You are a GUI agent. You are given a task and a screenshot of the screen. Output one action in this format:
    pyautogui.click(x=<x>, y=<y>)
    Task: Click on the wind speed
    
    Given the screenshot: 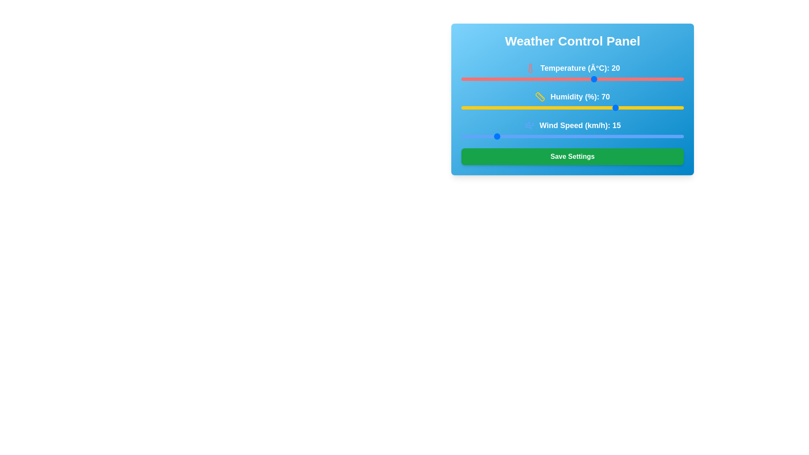 What is the action you would take?
    pyautogui.click(x=550, y=136)
    